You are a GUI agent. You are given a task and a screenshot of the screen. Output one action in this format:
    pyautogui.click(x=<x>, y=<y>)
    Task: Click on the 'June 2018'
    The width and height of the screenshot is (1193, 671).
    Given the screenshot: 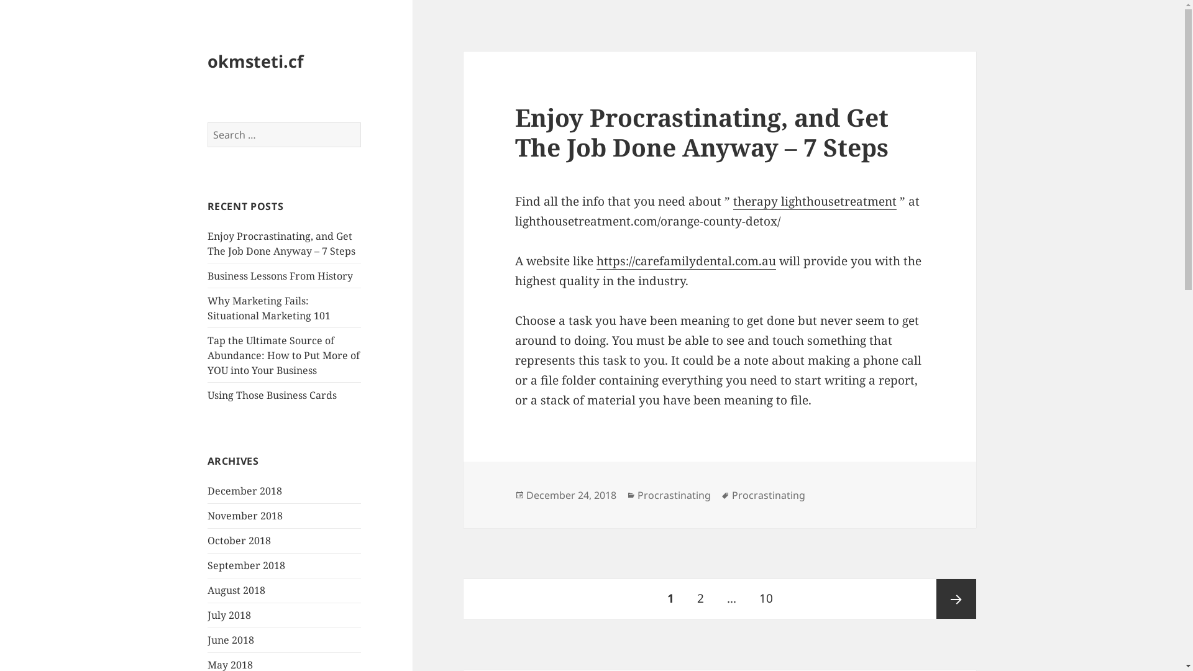 What is the action you would take?
    pyautogui.click(x=231, y=639)
    